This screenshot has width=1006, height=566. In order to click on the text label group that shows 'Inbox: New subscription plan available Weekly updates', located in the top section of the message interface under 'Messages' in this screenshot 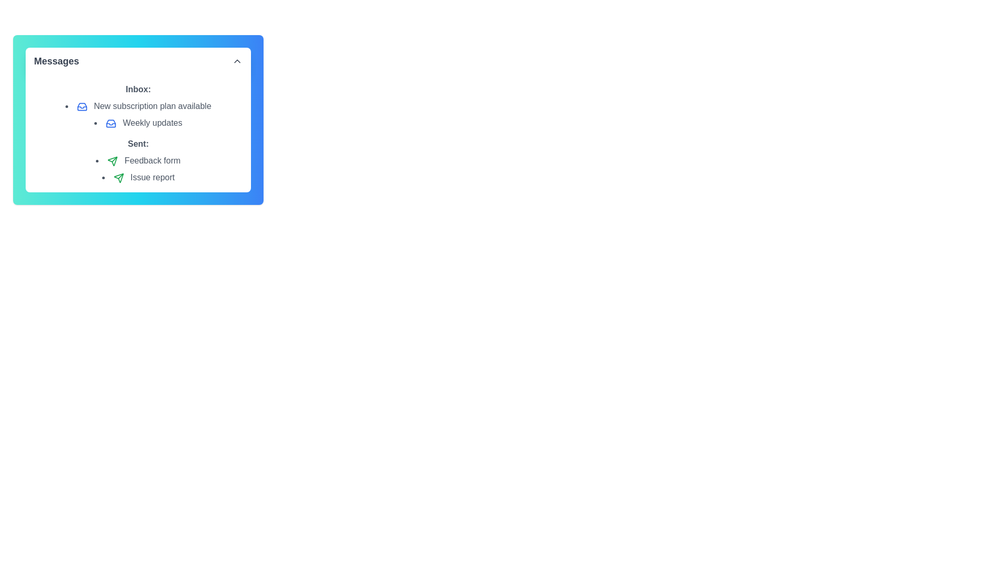, I will do `click(138, 106)`.